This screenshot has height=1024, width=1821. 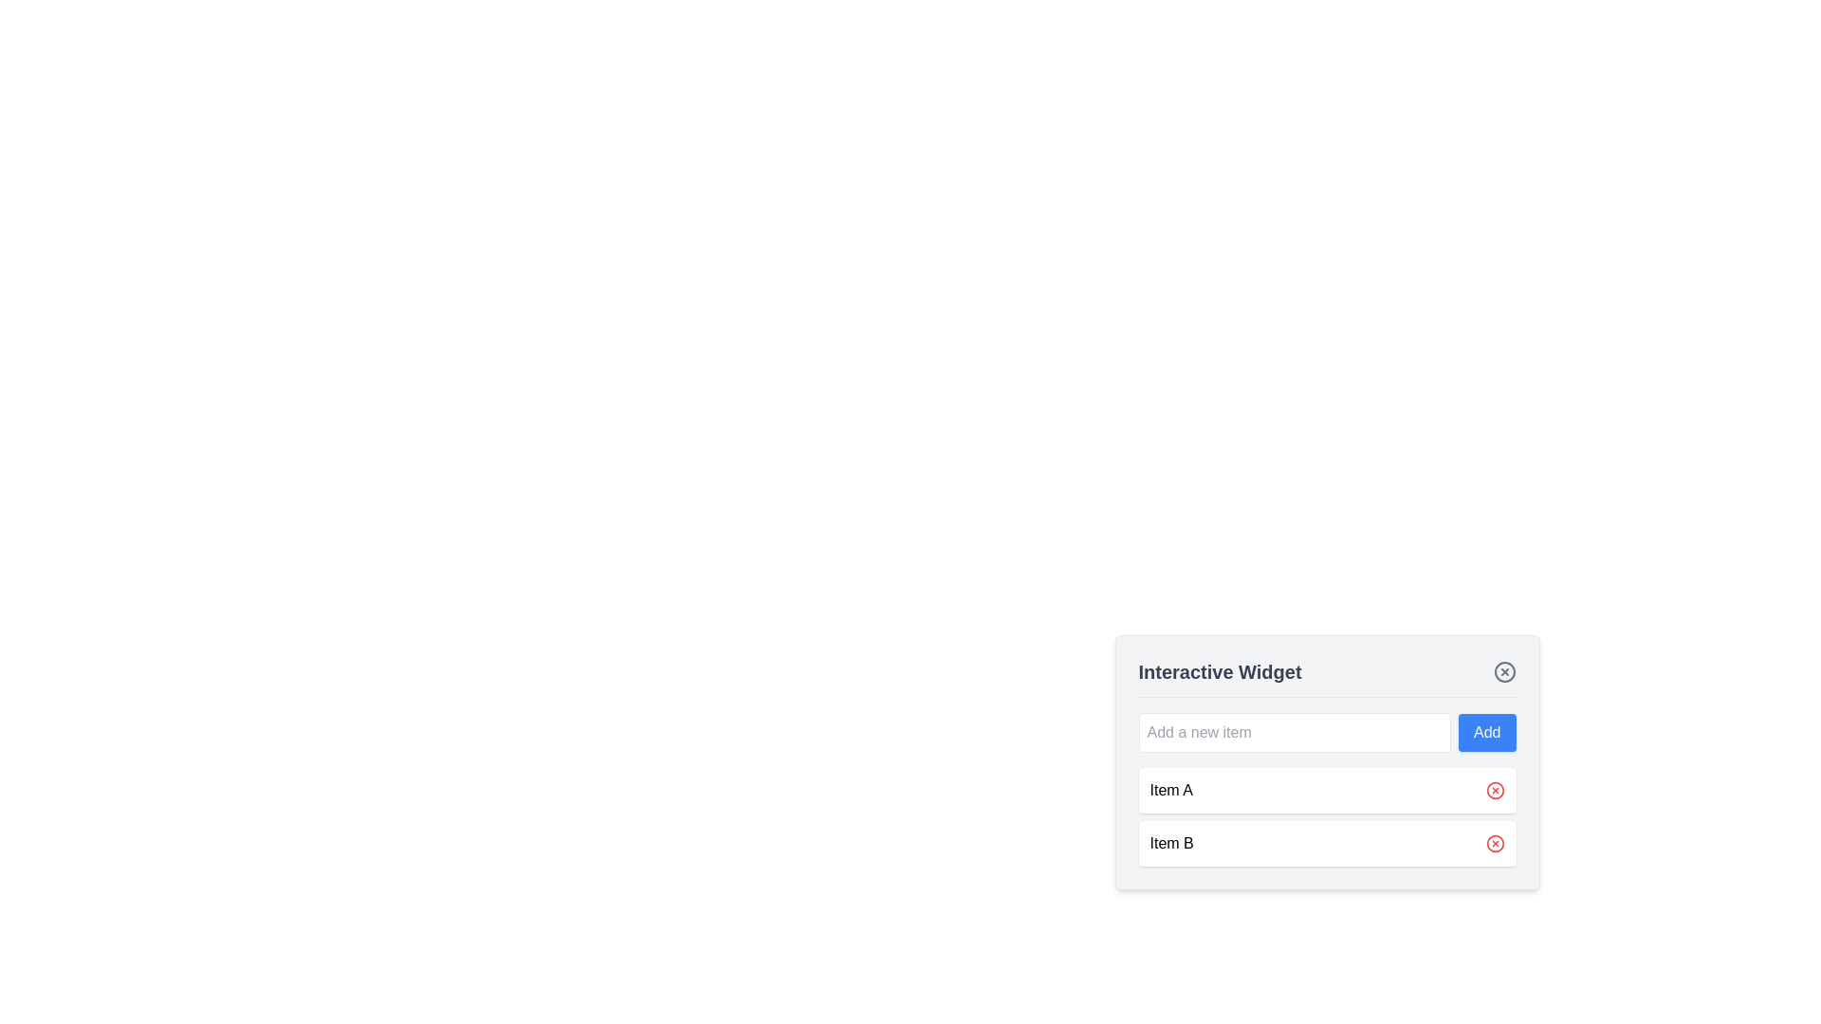 I want to click on the text input within the composite component that allows the user to add new items, located in the 'Interactive Widget' section above the list containing 'Item A' and 'Item B', so click(x=1326, y=731).